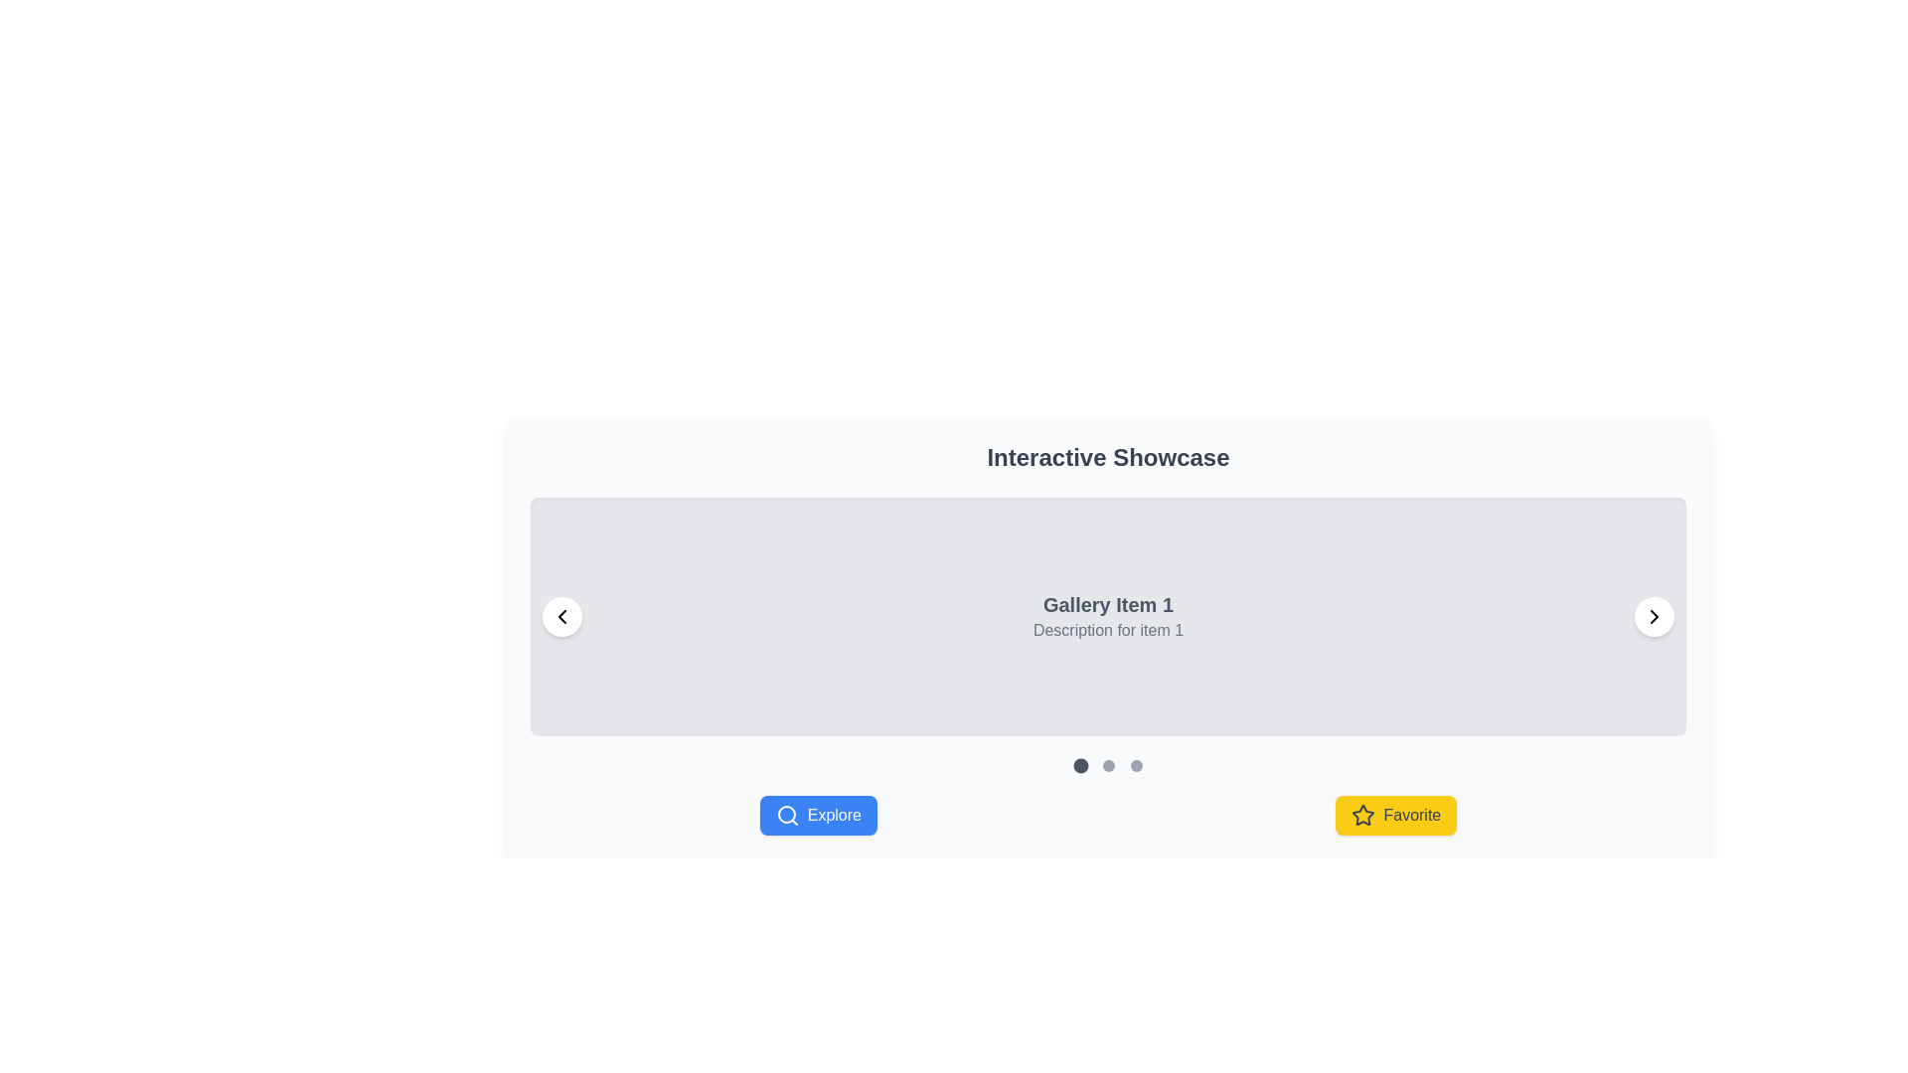 This screenshot has width=1908, height=1073. Describe the element at coordinates (1362, 815) in the screenshot. I see `the yellow star-shaped icon embedded in the button labeled 'Favorite' located at the bottom-right of the interactive showcase to favorite or unfavorite` at that location.